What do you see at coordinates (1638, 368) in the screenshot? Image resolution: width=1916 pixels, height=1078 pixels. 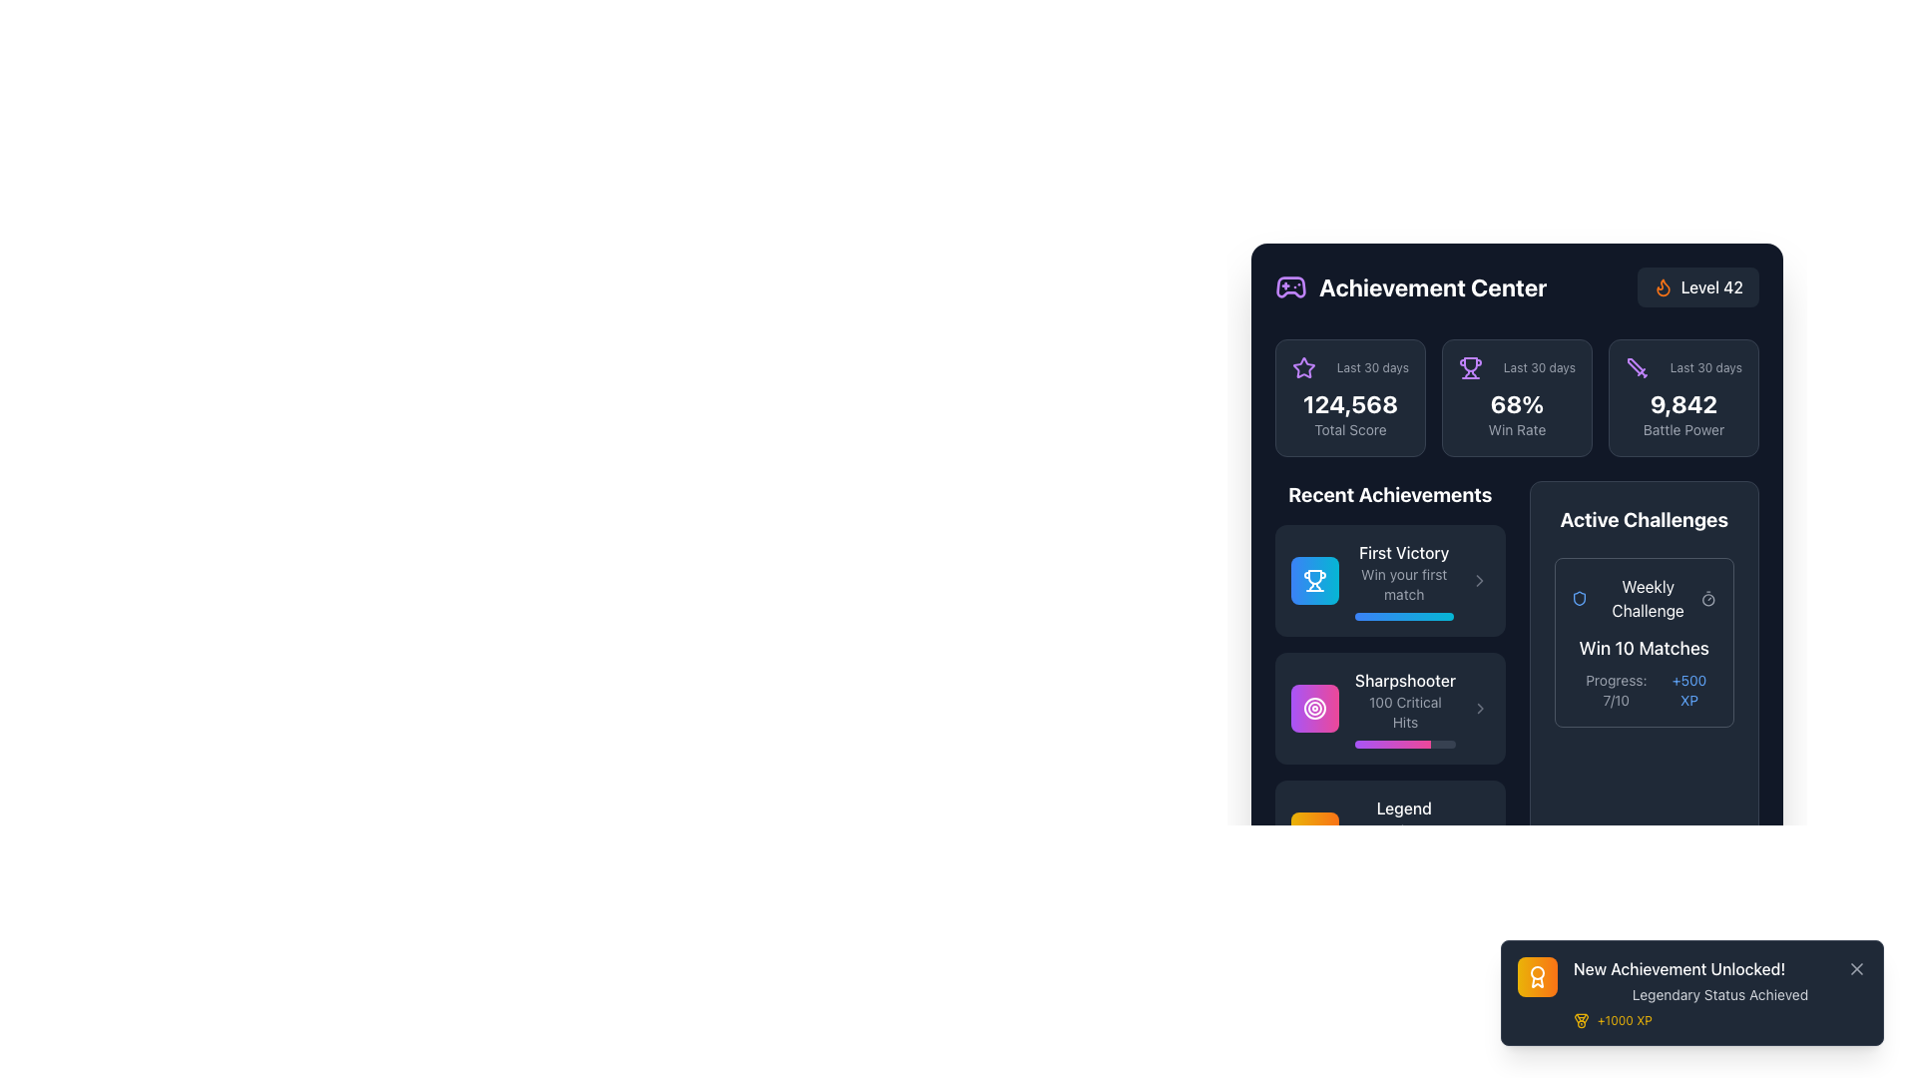 I see `the rightmost sword icon representing the 'Battle Power' metric located under the 'Achievement Center' heading` at bounding box center [1638, 368].